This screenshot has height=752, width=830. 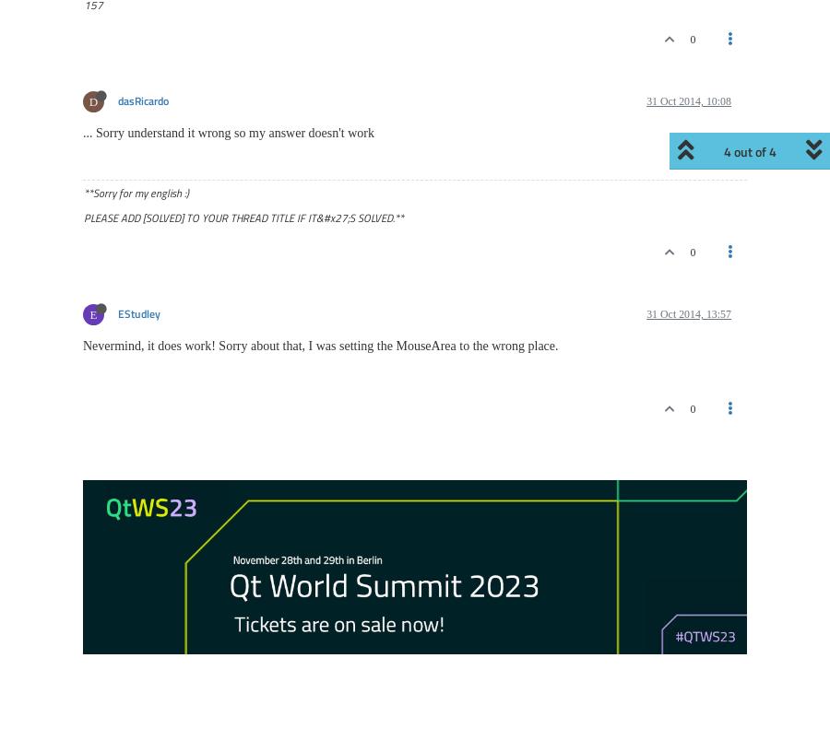 I want to click on '... Sorry understand it wrong so my answer doesn't work', so click(x=227, y=132).